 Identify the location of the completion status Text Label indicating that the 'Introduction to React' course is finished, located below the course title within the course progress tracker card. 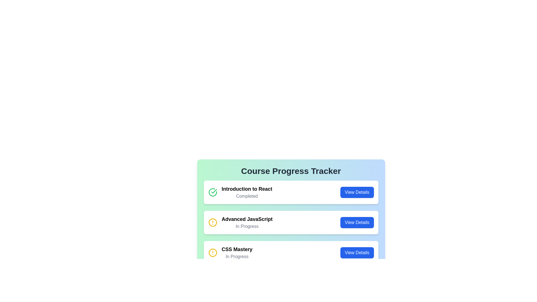
(247, 196).